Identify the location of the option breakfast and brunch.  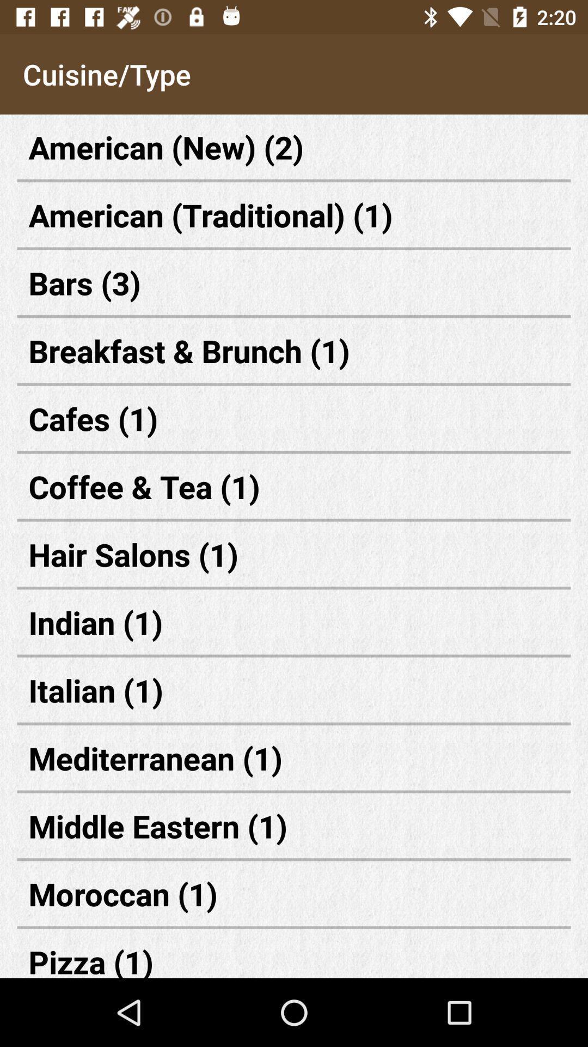
(294, 351).